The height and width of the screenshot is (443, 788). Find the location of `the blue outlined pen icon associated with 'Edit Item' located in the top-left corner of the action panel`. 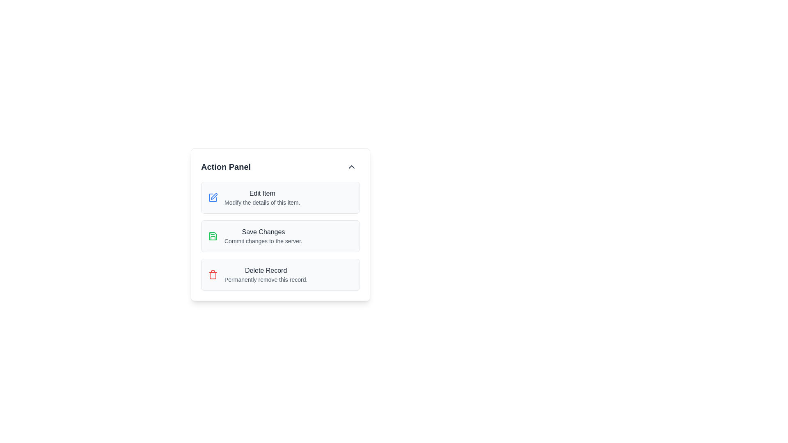

the blue outlined pen icon associated with 'Edit Item' located in the top-left corner of the action panel is located at coordinates (213, 198).